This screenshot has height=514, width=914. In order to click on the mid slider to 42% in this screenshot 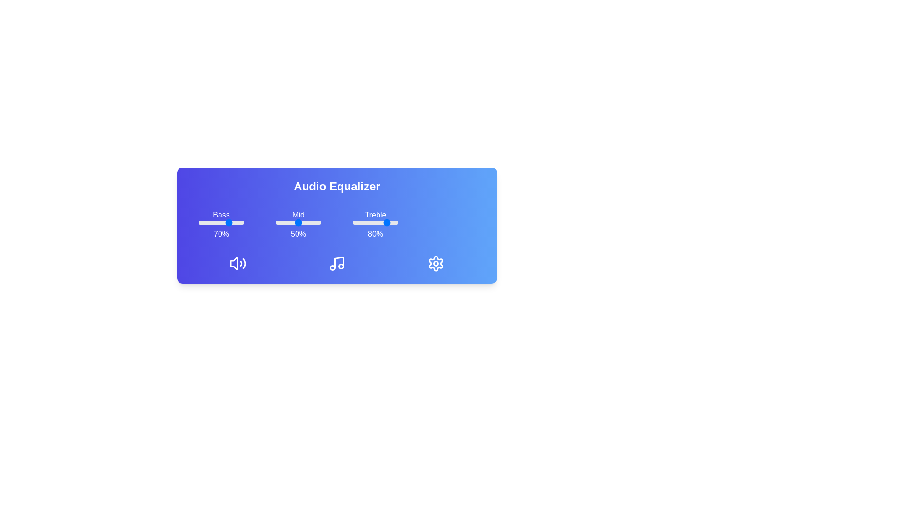, I will do `click(294, 222)`.